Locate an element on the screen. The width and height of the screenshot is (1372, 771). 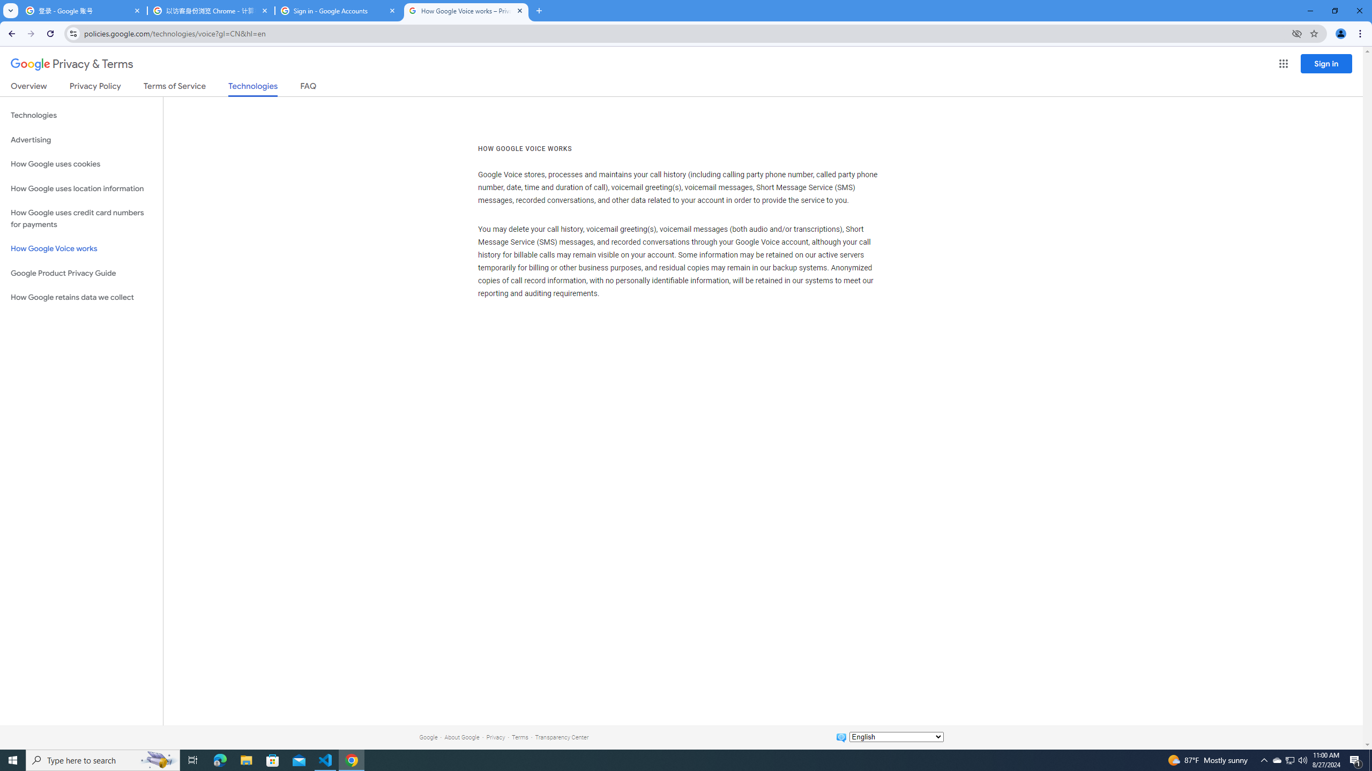
'How Google uses credit card numbers for payments' is located at coordinates (81, 218).